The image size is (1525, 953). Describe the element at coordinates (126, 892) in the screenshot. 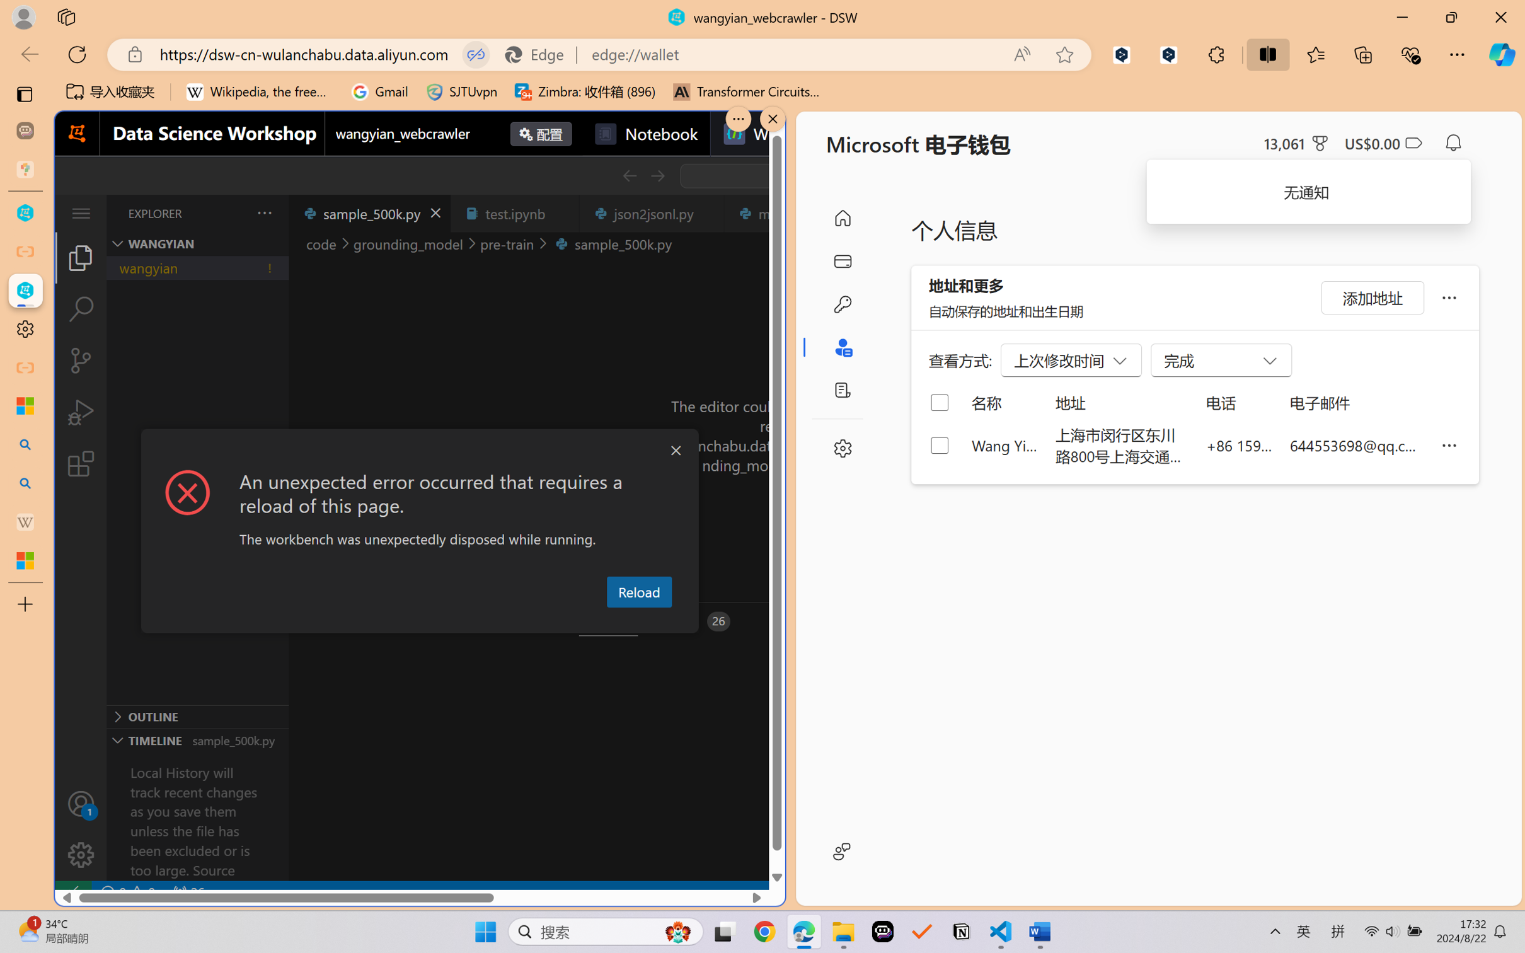

I see `'No Problems'` at that location.